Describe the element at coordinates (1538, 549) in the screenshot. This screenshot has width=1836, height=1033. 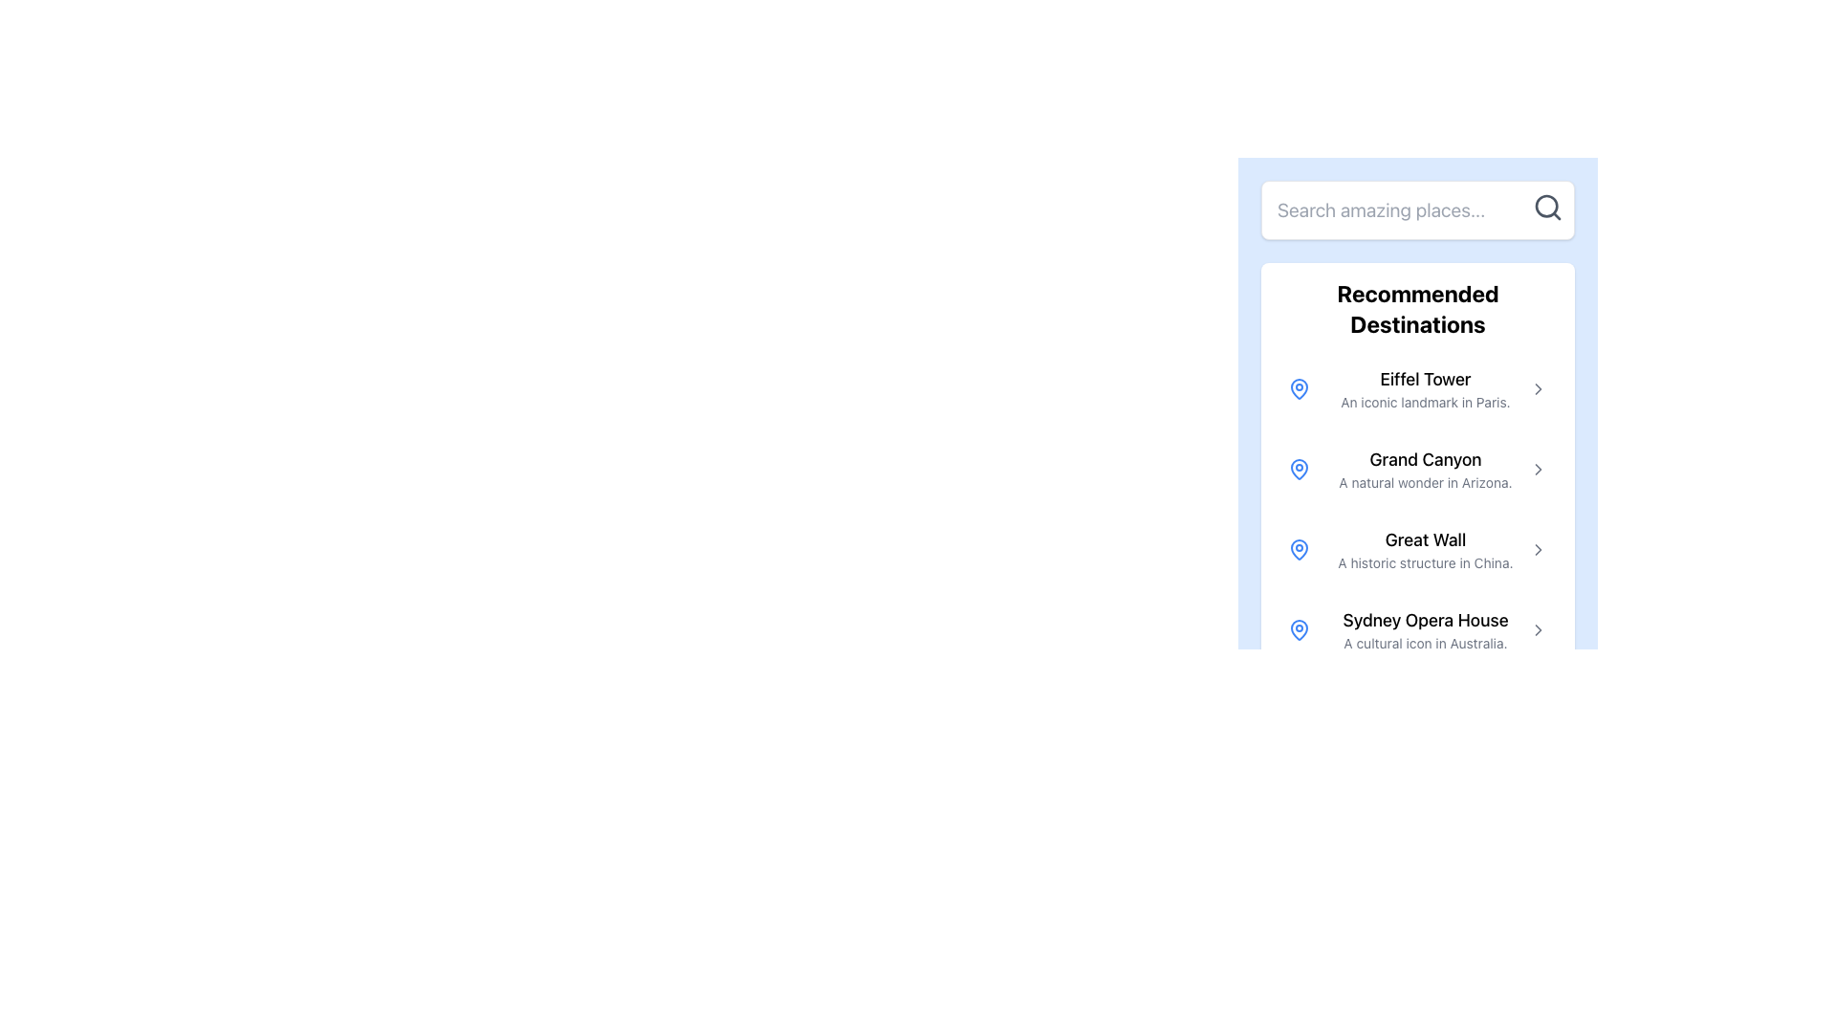
I see `the right-pointing chevron icon styled in gray, located next to the 'Great Wall' entry in the 'Recommended Destinations' list` at that location.